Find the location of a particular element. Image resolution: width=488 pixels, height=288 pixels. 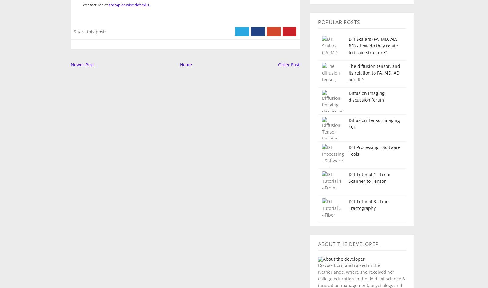

'tromp at wisc dot edu' is located at coordinates (128, 4).